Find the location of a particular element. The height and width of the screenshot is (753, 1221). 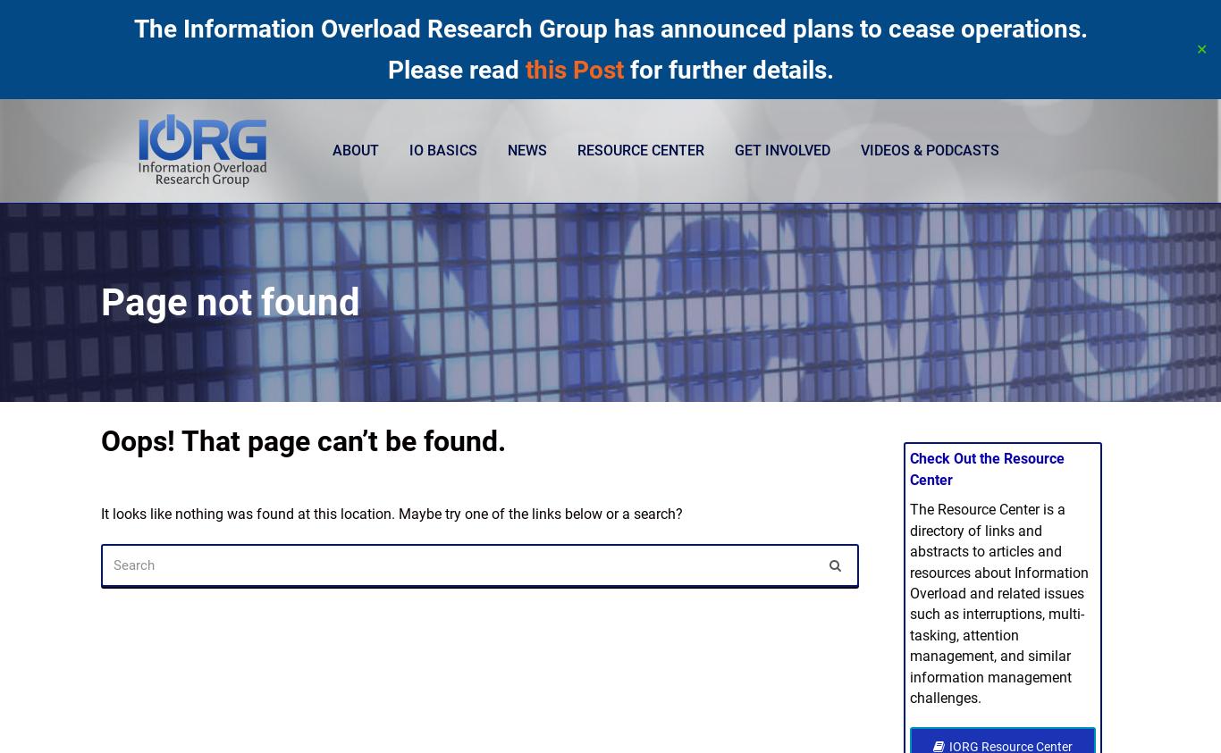

'IO Basics' is located at coordinates (442, 149).